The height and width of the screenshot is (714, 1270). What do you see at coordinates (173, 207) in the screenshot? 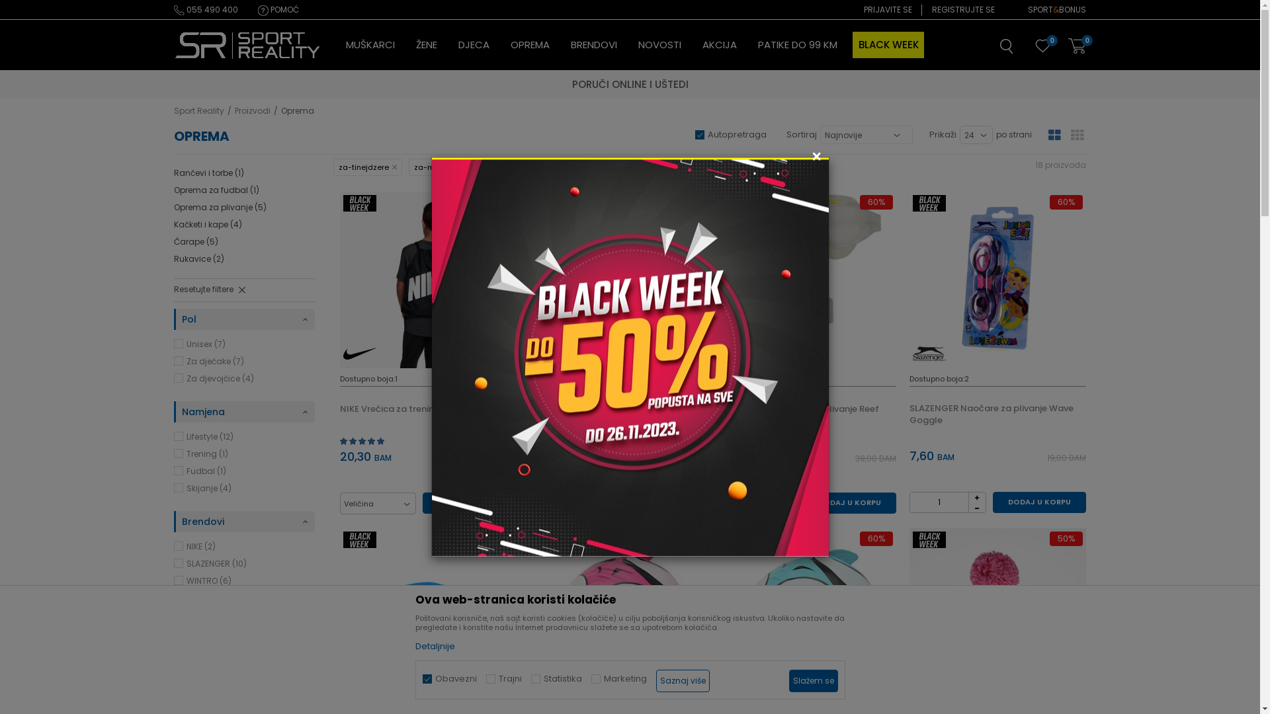
I see `'Oprema za plivanje (5)'` at bounding box center [173, 207].